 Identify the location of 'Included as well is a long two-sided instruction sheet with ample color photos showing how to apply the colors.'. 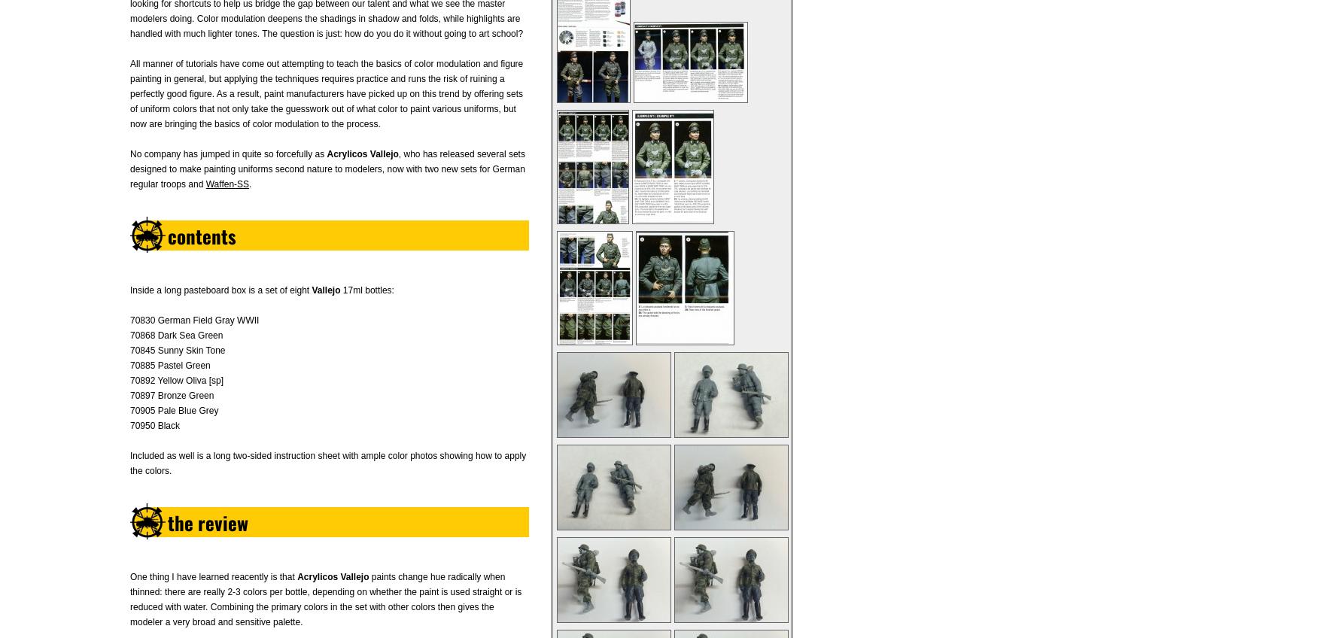
(327, 463).